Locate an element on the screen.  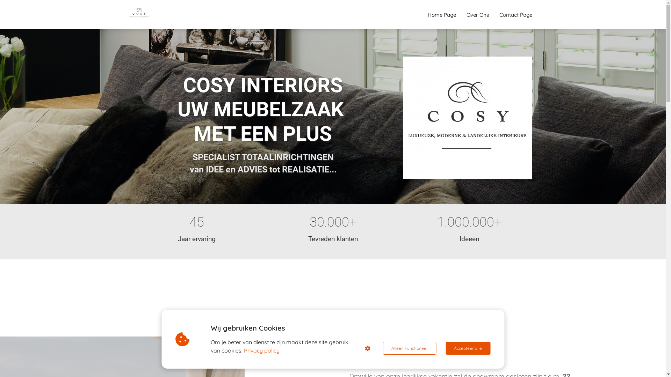
'Contact Page' is located at coordinates (516, 15).